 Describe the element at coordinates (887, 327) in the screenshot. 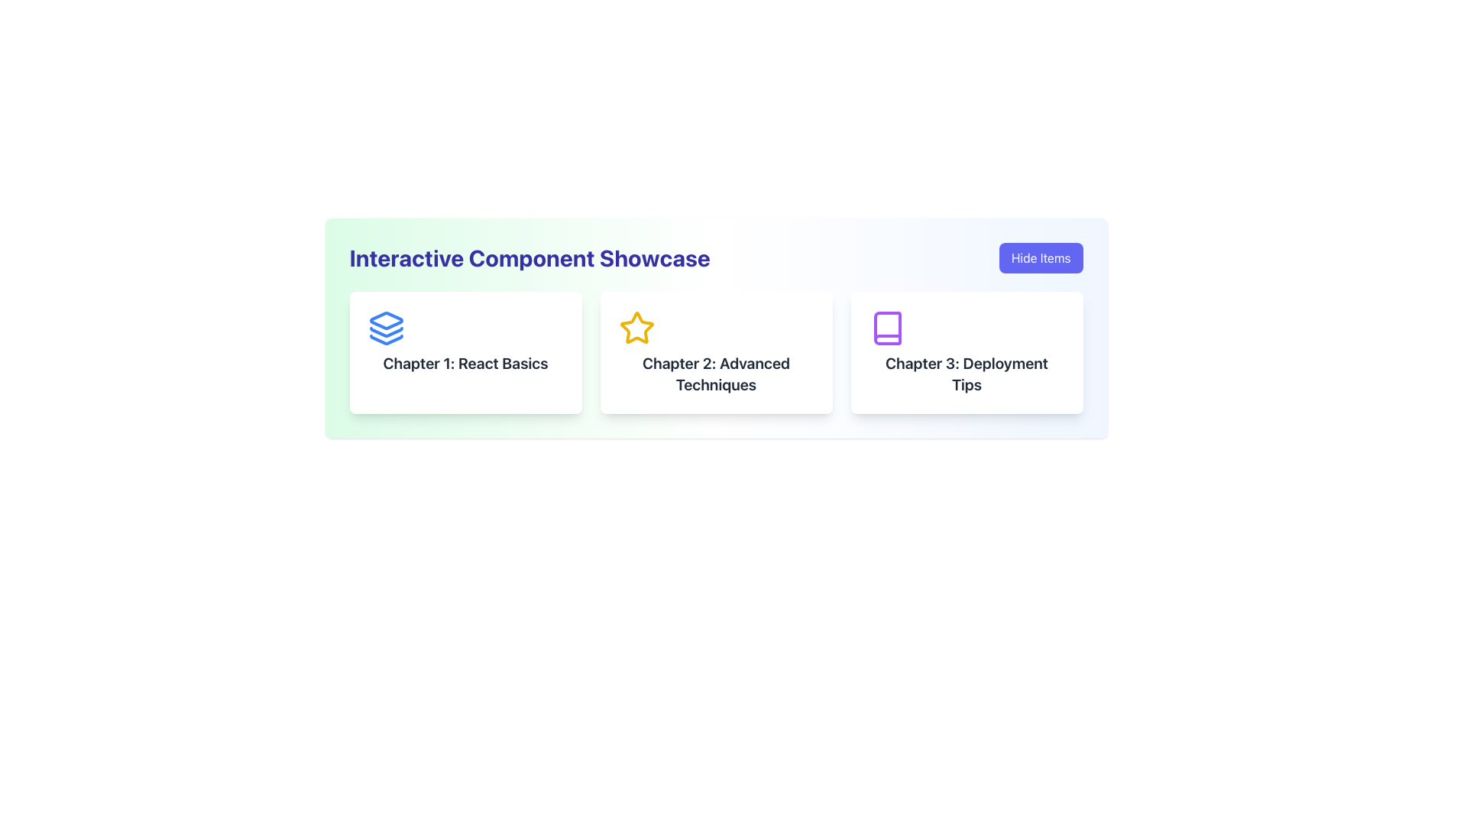

I see `the decorative icon for the information card labeled 'Chapter 3: Deployment Tips', which is located at the top-left corner of the card, just above the text` at that location.